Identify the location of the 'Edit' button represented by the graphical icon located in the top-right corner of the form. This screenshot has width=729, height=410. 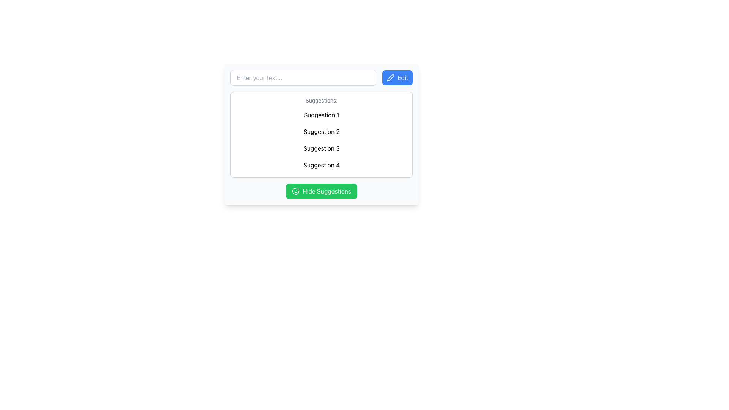
(390, 77).